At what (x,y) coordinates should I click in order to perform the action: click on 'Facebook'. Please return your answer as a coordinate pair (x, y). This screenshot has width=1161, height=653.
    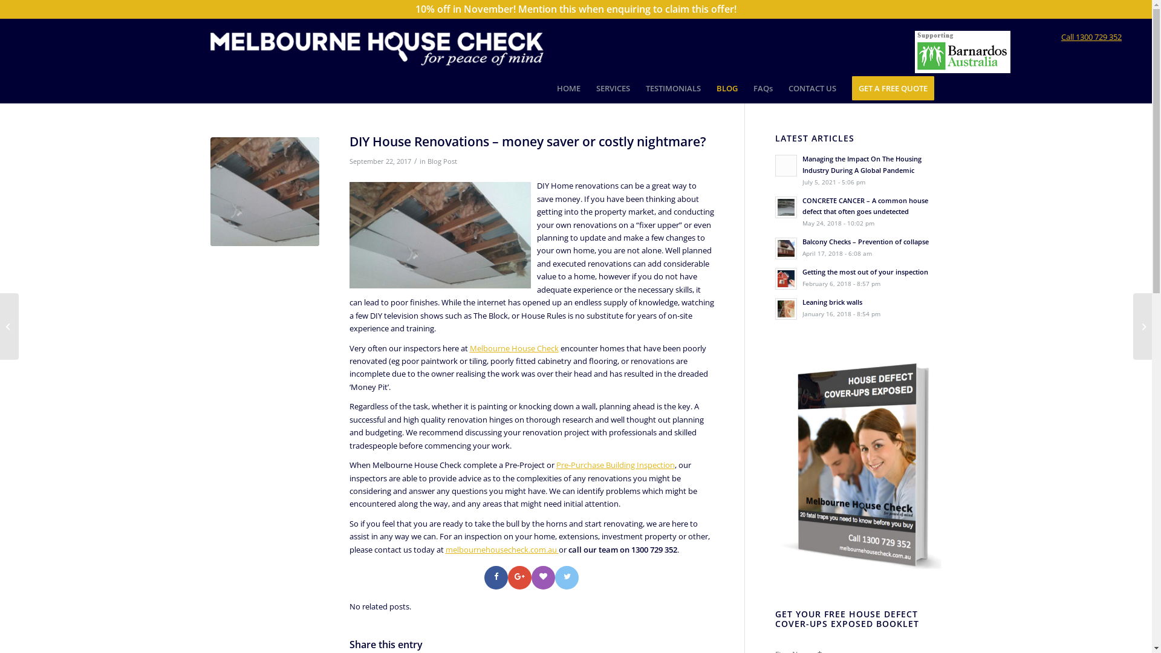
    Looking at the image, I should click on (496, 577).